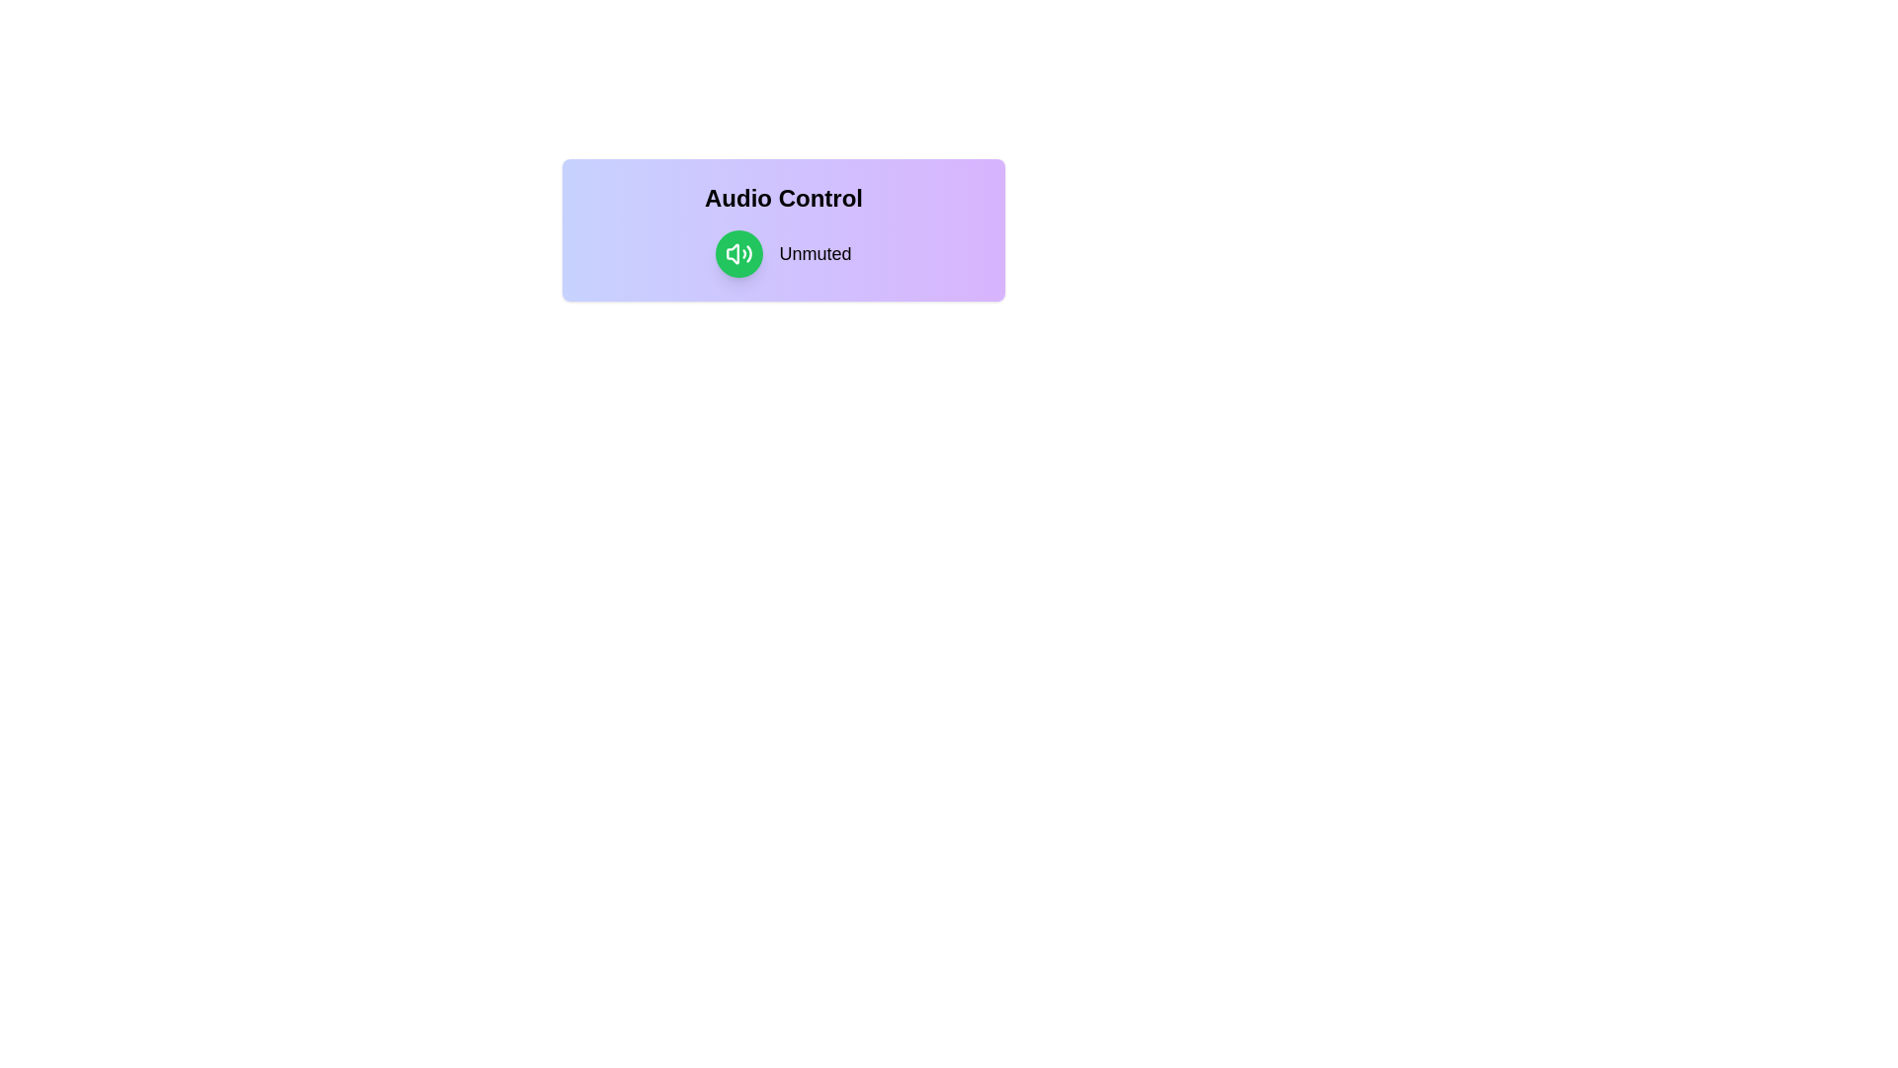 This screenshot has width=1898, height=1068. I want to click on the volume toggle button to switch between muted and unmuted states, so click(738, 253).